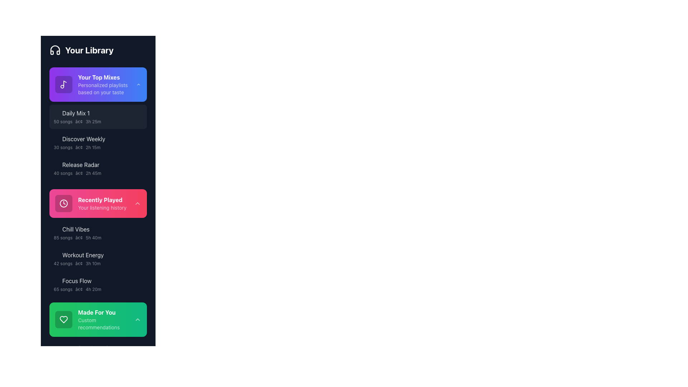 The width and height of the screenshot is (688, 387). I want to click on the 'Workout Energy' button in the list under 'Your Library', so click(97, 258).